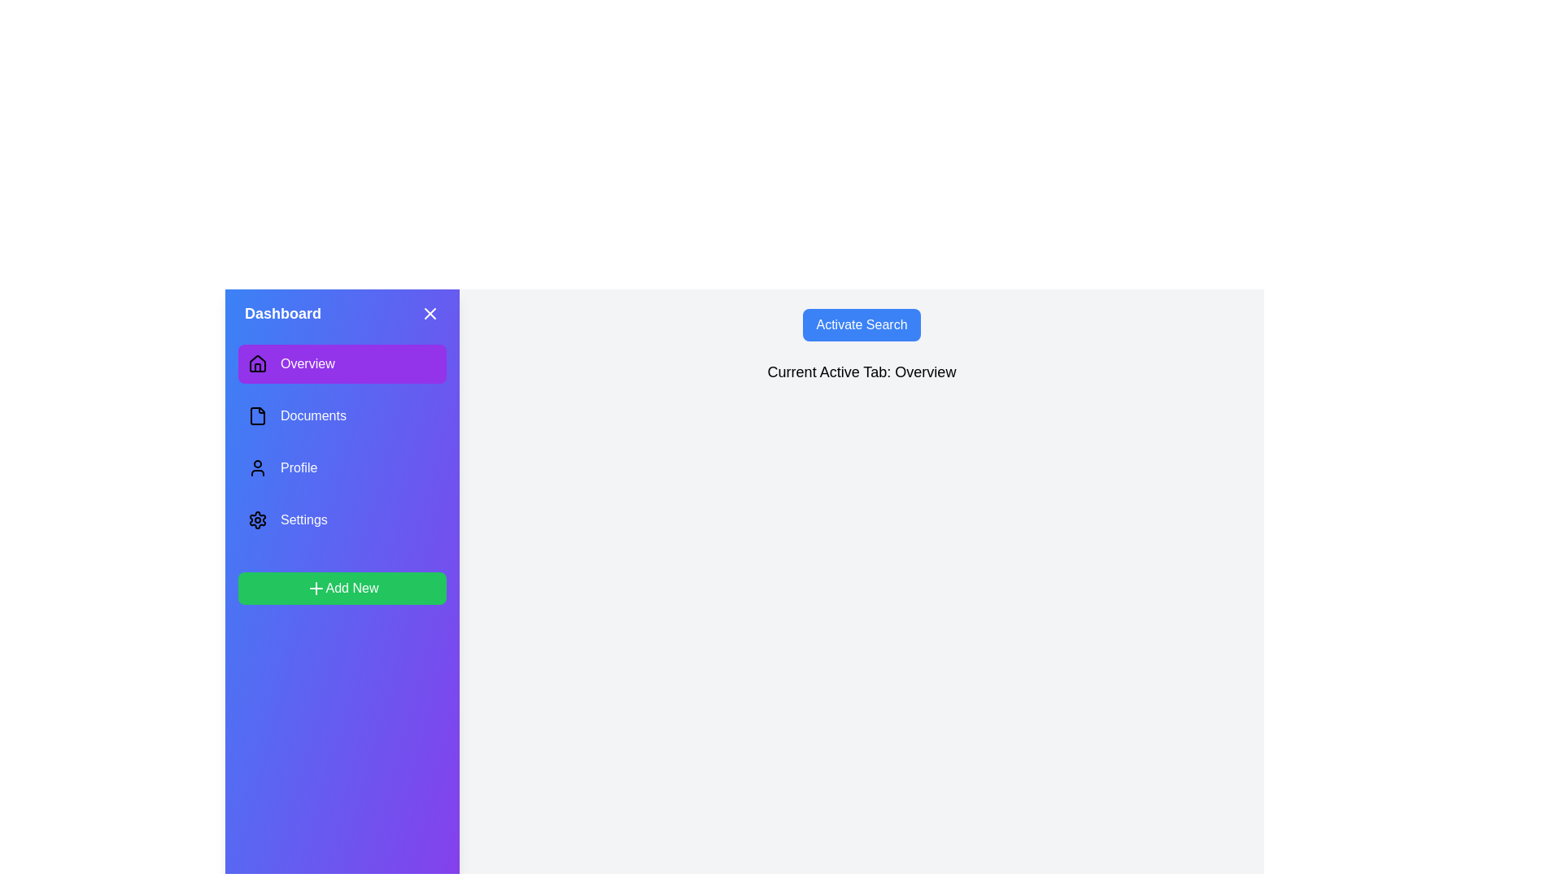 Image resolution: width=1562 pixels, height=878 pixels. I want to click on the user icon in the sidebar, which is outlined in black and represents a generic person silhouette, so click(256, 467).